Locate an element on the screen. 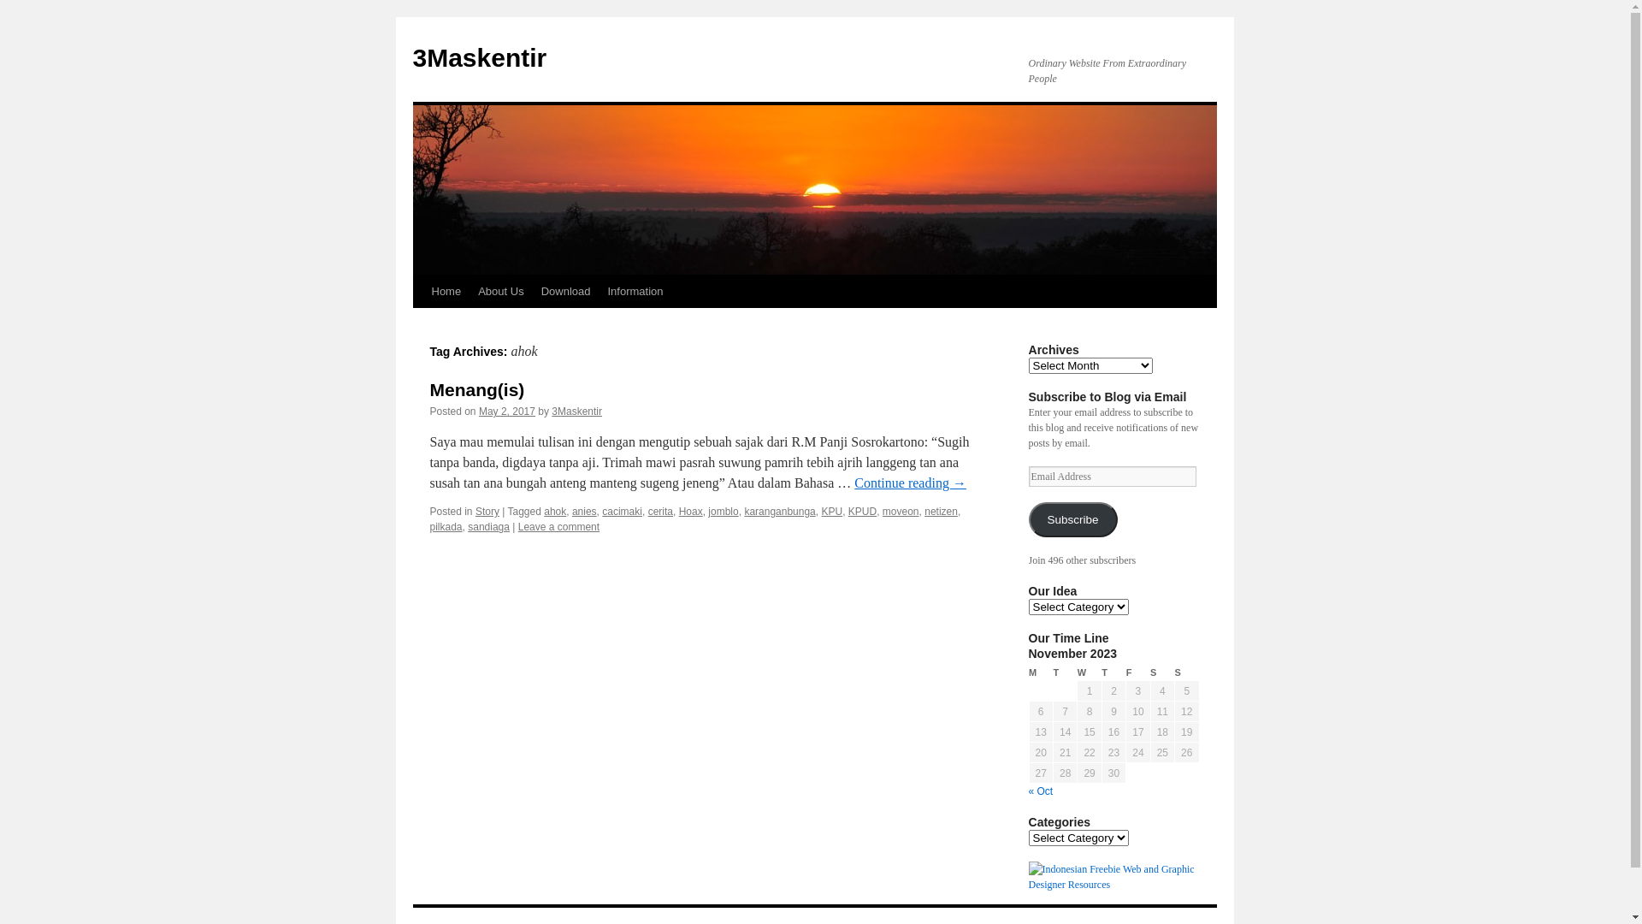 The height and width of the screenshot is (924, 1642). 'About Us' is located at coordinates (499, 290).